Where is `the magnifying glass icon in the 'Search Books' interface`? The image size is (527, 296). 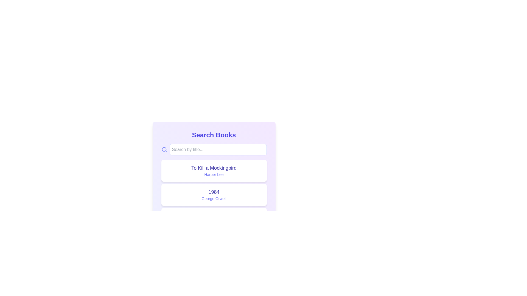 the magnifying glass icon in the 'Search Books' interface is located at coordinates (164, 150).